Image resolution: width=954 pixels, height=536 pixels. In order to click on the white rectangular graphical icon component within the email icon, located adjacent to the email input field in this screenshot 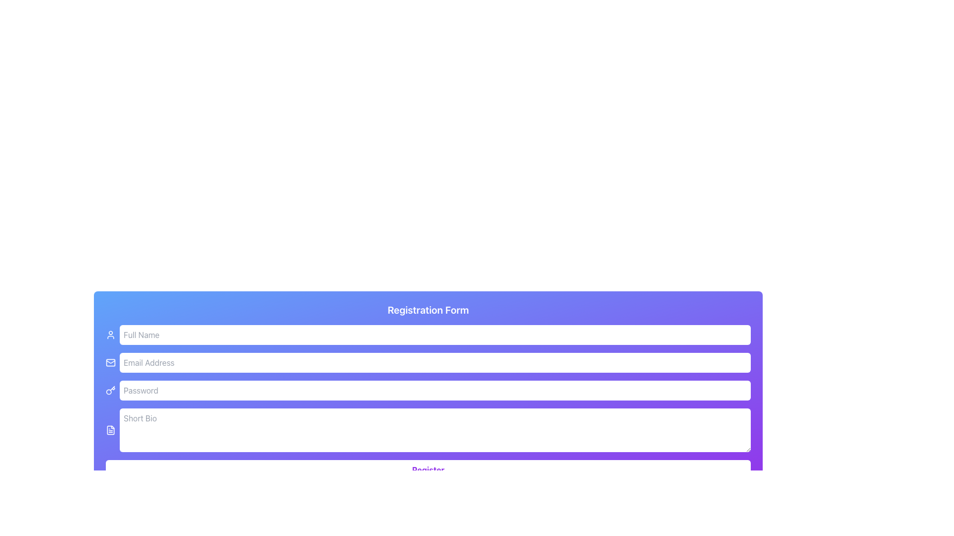, I will do `click(110, 363)`.